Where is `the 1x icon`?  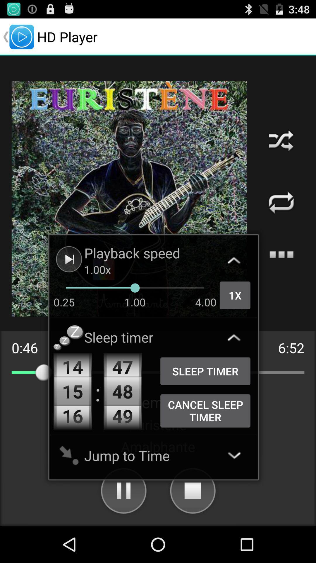 the 1x icon is located at coordinates (235, 295).